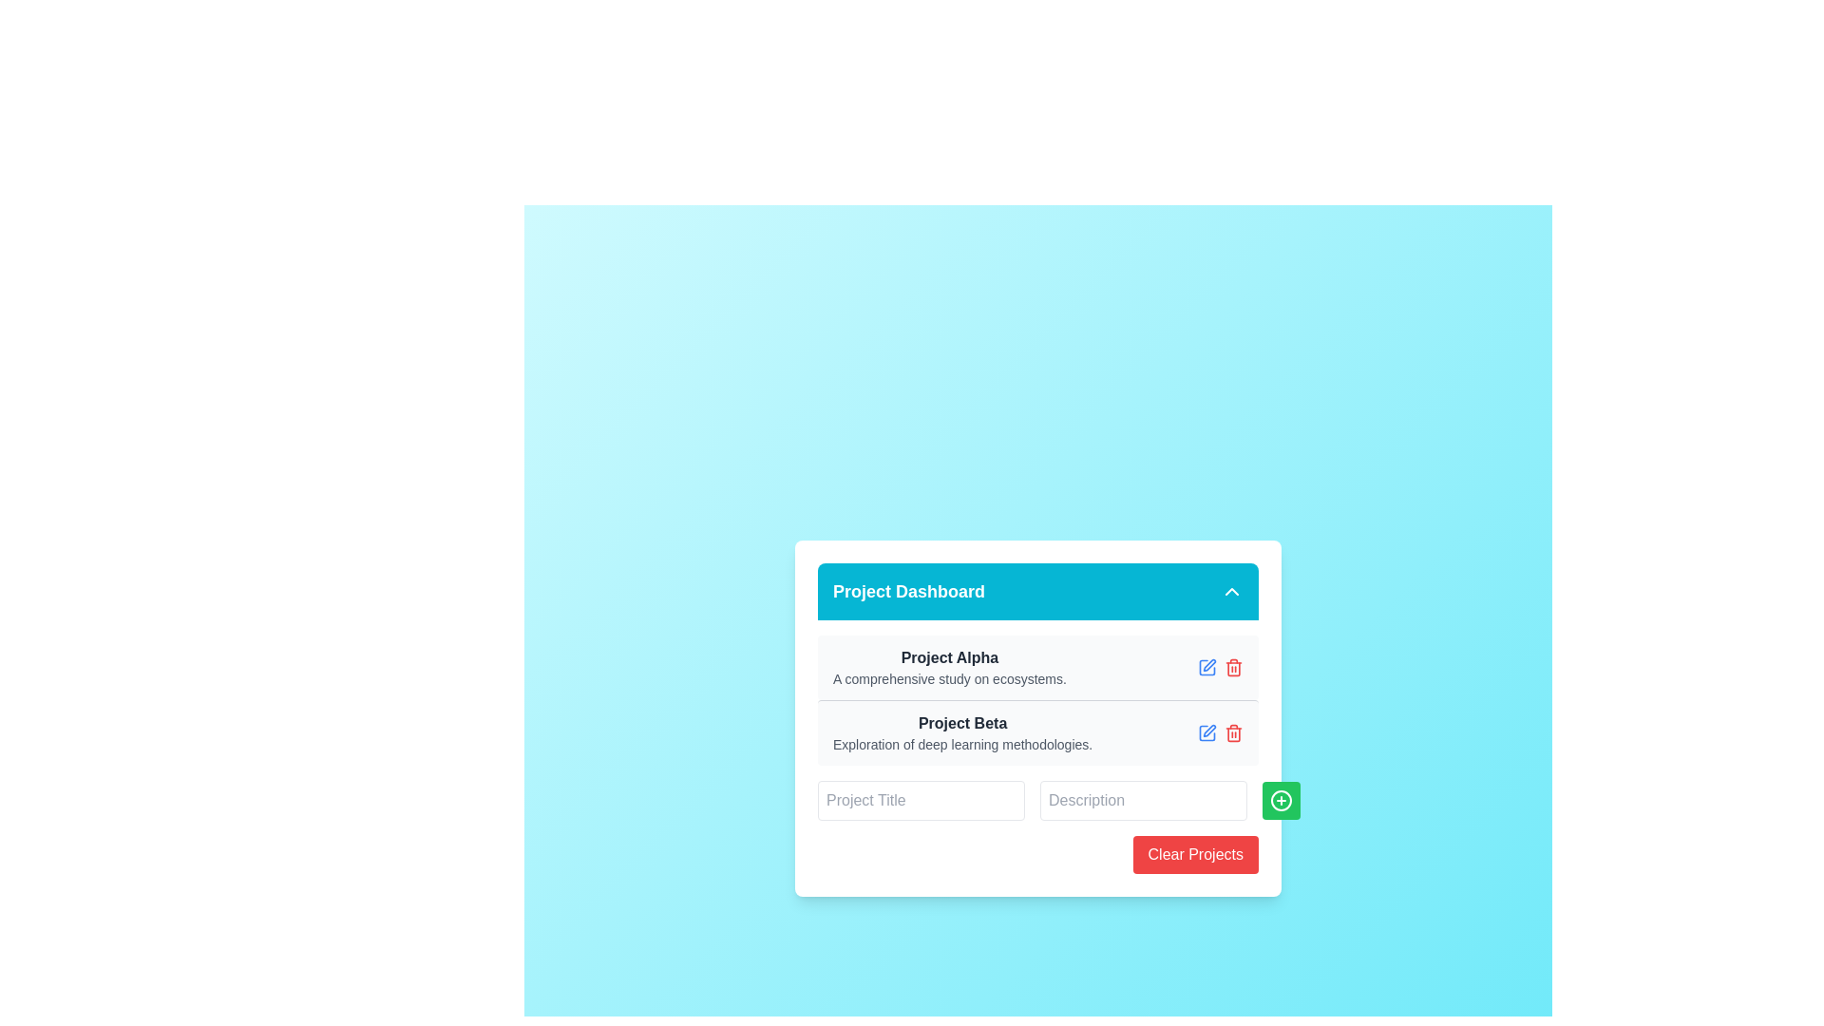 The height and width of the screenshot is (1026, 1824). I want to click on the circular green button with a white border and a plus icon, so click(1281, 799).